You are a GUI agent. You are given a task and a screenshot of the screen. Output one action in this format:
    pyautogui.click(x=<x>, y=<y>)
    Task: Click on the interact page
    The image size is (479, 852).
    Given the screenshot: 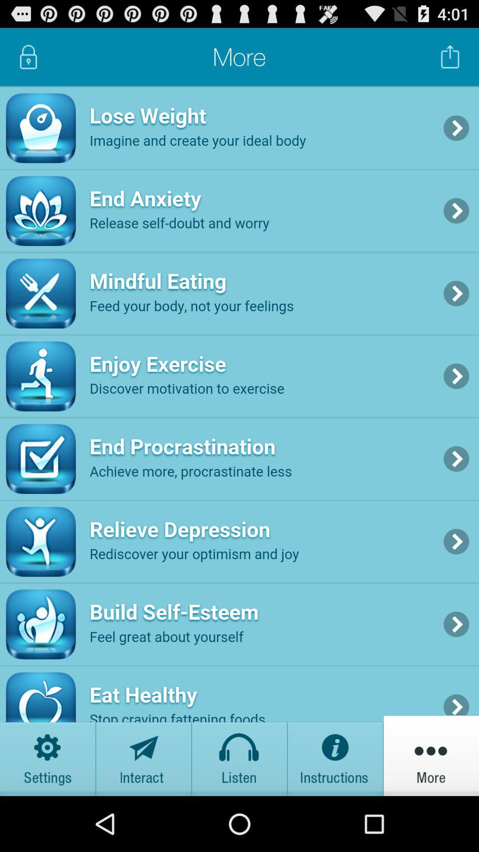 What is the action you would take?
    pyautogui.click(x=143, y=755)
    